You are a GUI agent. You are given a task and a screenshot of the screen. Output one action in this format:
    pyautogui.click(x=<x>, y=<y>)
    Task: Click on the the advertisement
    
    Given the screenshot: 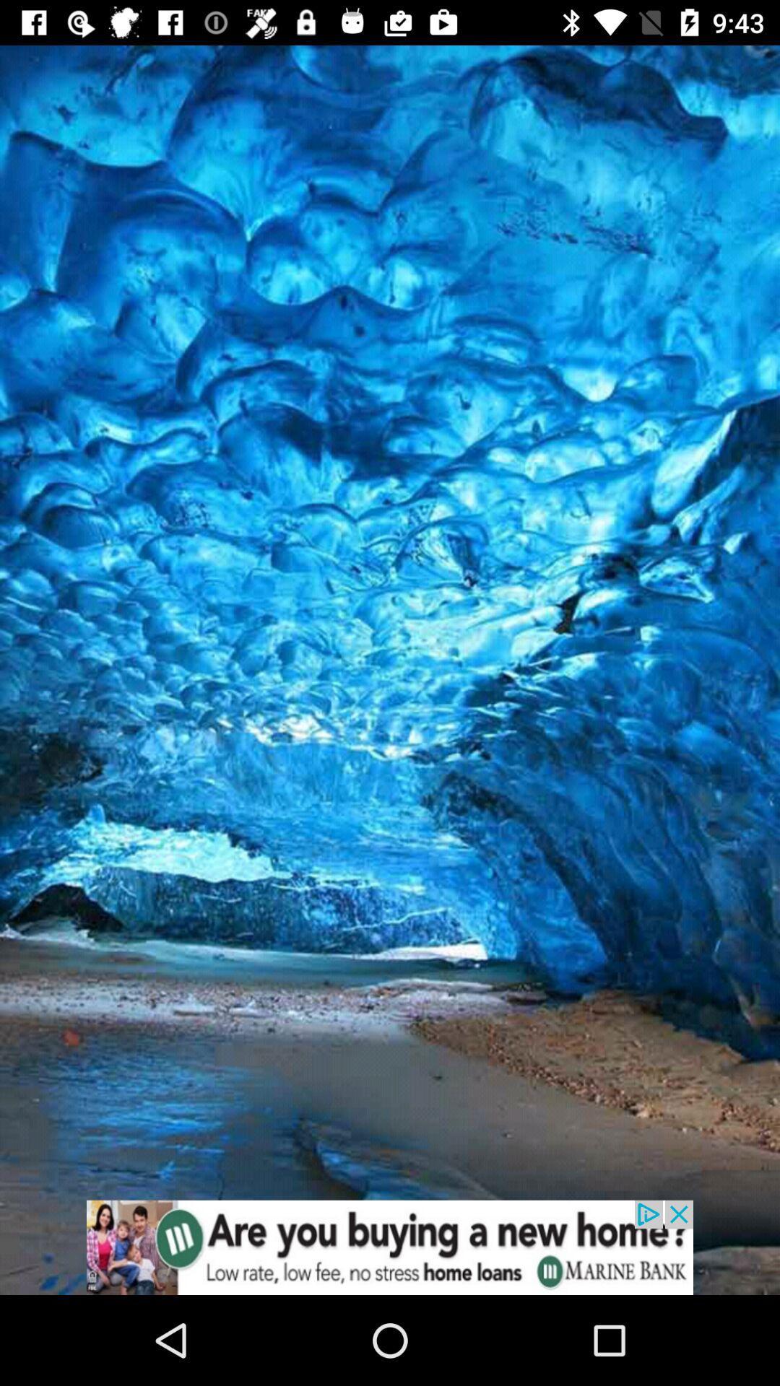 What is the action you would take?
    pyautogui.click(x=390, y=1247)
    